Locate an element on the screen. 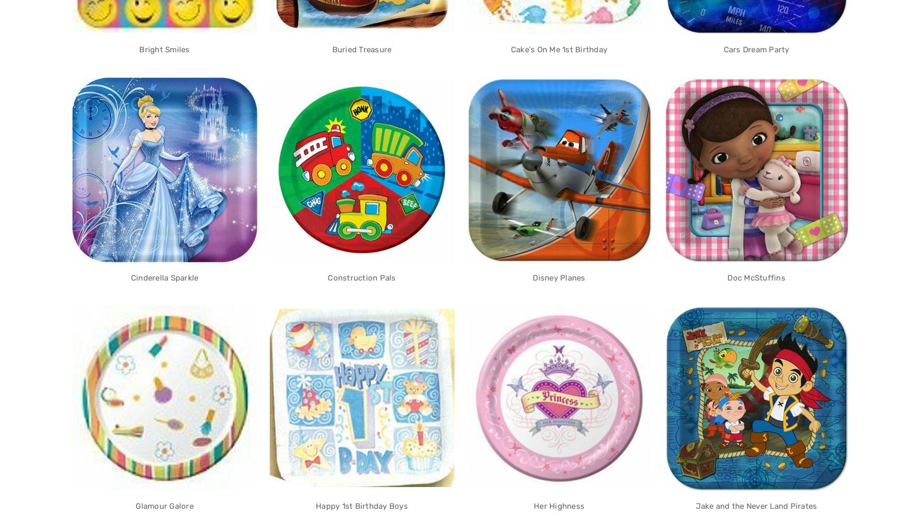 The width and height of the screenshot is (921, 530). 'Cake's On Me 1st Birthday' is located at coordinates (558, 49).